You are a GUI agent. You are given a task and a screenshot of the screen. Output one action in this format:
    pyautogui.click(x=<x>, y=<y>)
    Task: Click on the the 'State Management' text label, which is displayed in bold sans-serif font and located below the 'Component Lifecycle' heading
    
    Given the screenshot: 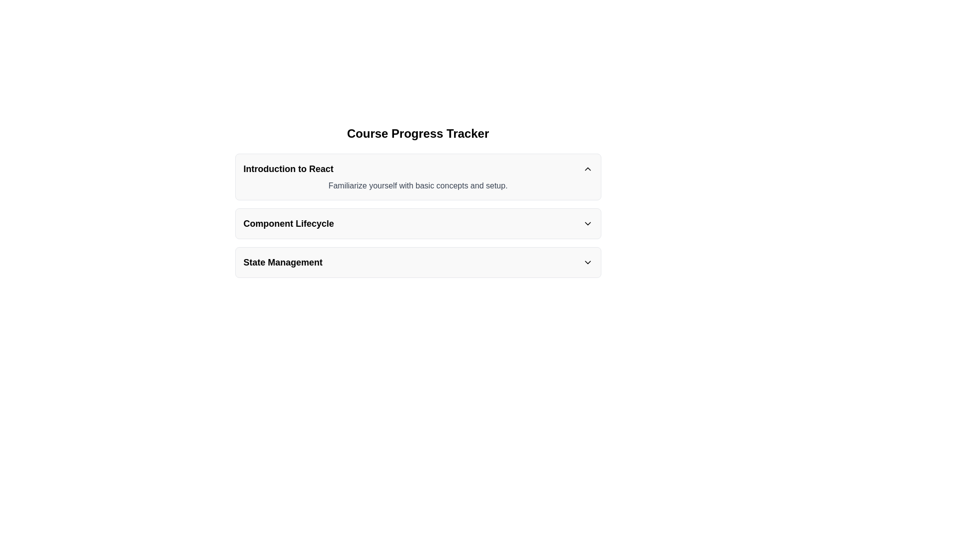 What is the action you would take?
    pyautogui.click(x=283, y=262)
    